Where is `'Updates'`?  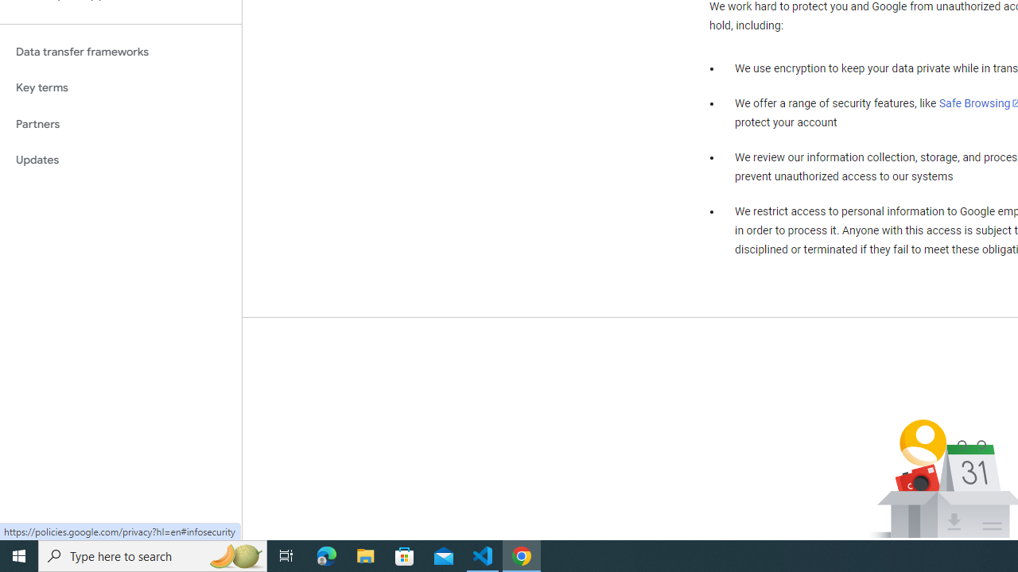 'Updates' is located at coordinates (120, 160).